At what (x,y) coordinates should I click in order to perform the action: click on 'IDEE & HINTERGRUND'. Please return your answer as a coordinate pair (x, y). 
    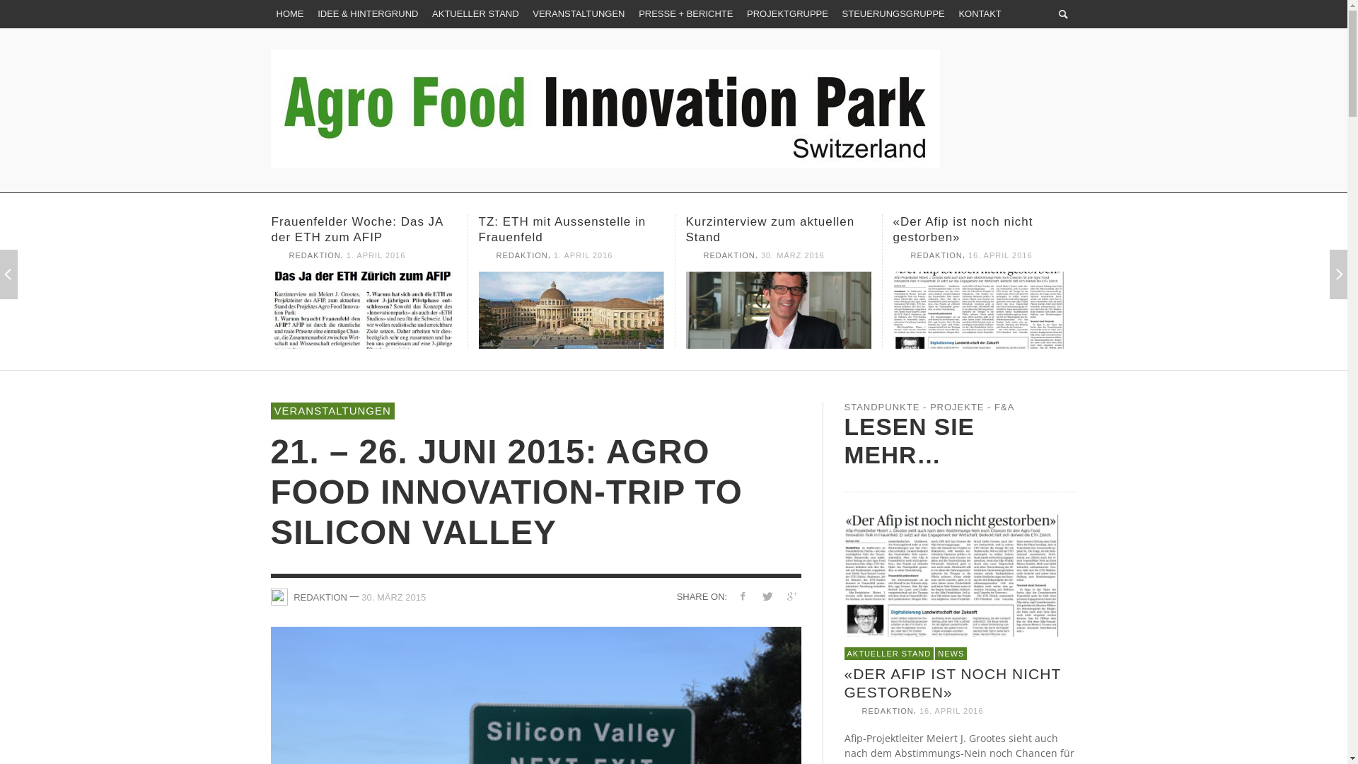
    Looking at the image, I should click on (367, 13).